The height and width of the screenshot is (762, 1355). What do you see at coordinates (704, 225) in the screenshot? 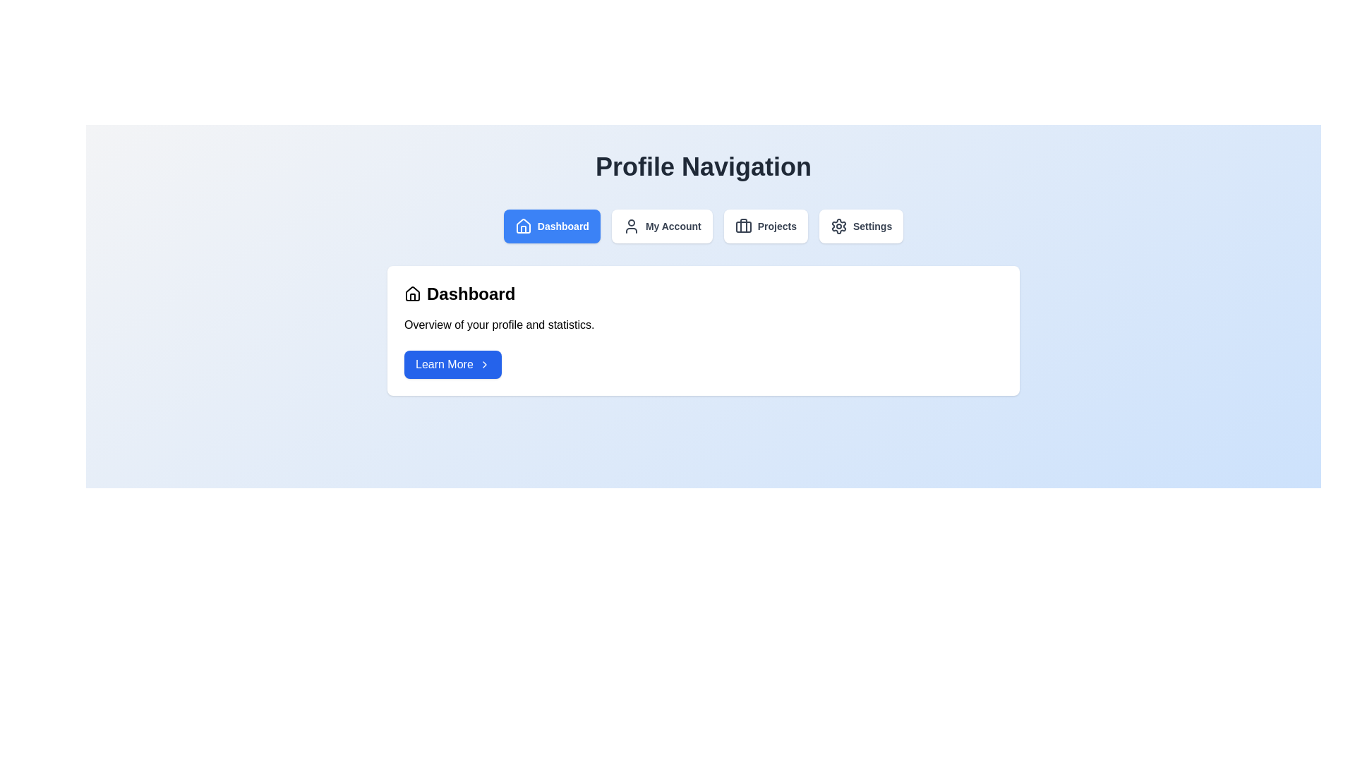
I see `the 'My Account' navigation tab located in the second position of the navigation bar` at bounding box center [704, 225].